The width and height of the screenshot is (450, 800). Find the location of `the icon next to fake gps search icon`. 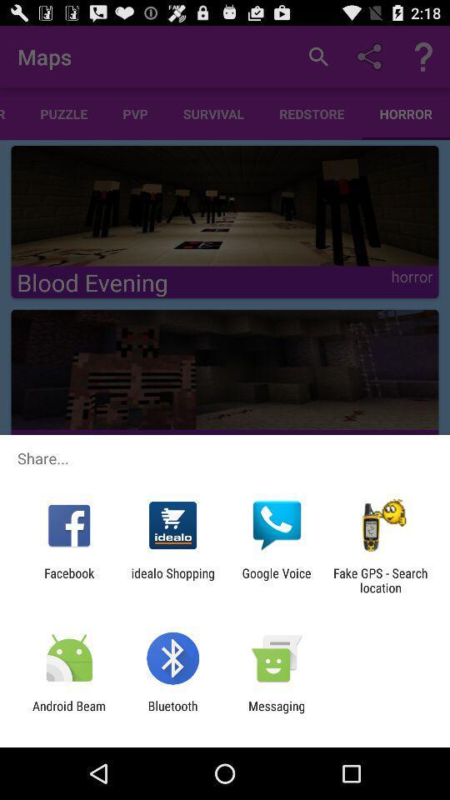

the icon next to fake gps search icon is located at coordinates (277, 580).